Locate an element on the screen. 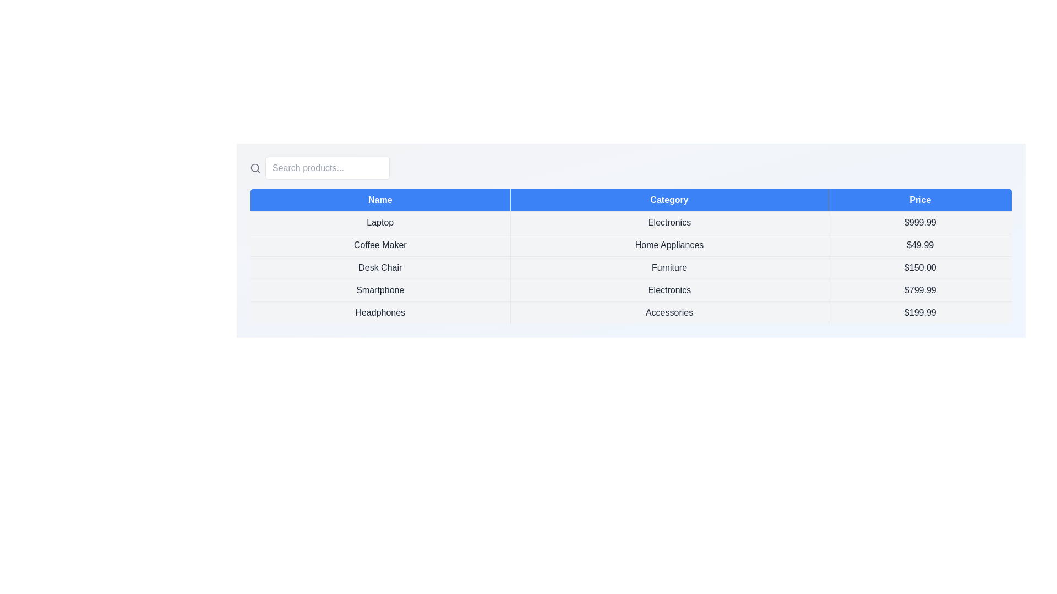  the product name text label is located at coordinates (380, 223).